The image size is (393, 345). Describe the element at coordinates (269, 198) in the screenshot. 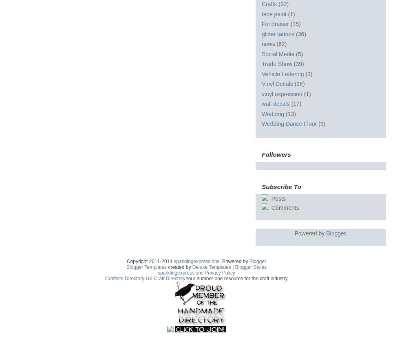

I see `'Posts'` at that location.